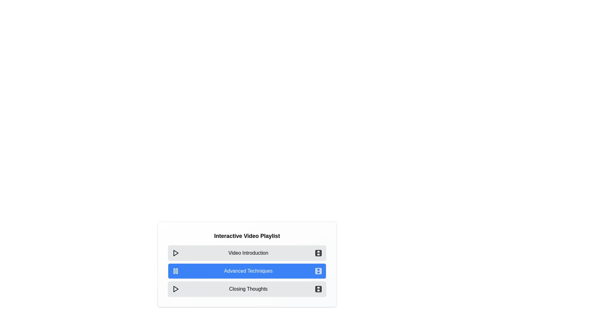 This screenshot has height=335, width=596. What do you see at coordinates (247, 271) in the screenshot?
I see `the video chip corresponding to Advanced Techniques to toggle its play/pause state` at bounding box center [247, 271].